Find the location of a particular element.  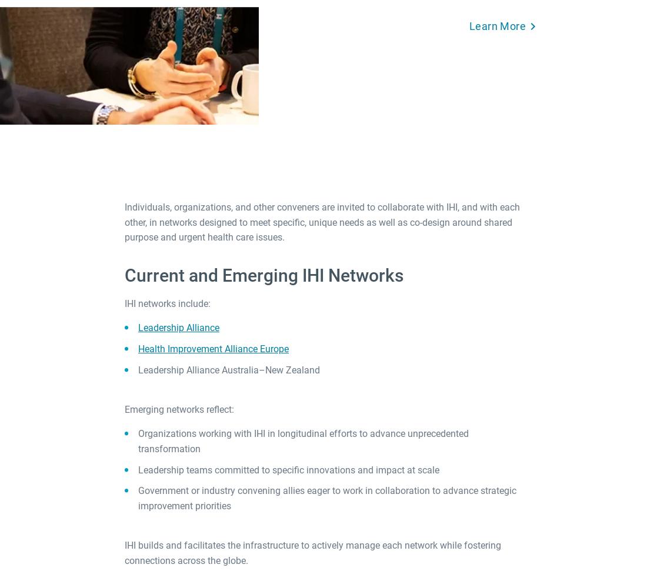

'Learn More' is located at coordinates (497, 25).